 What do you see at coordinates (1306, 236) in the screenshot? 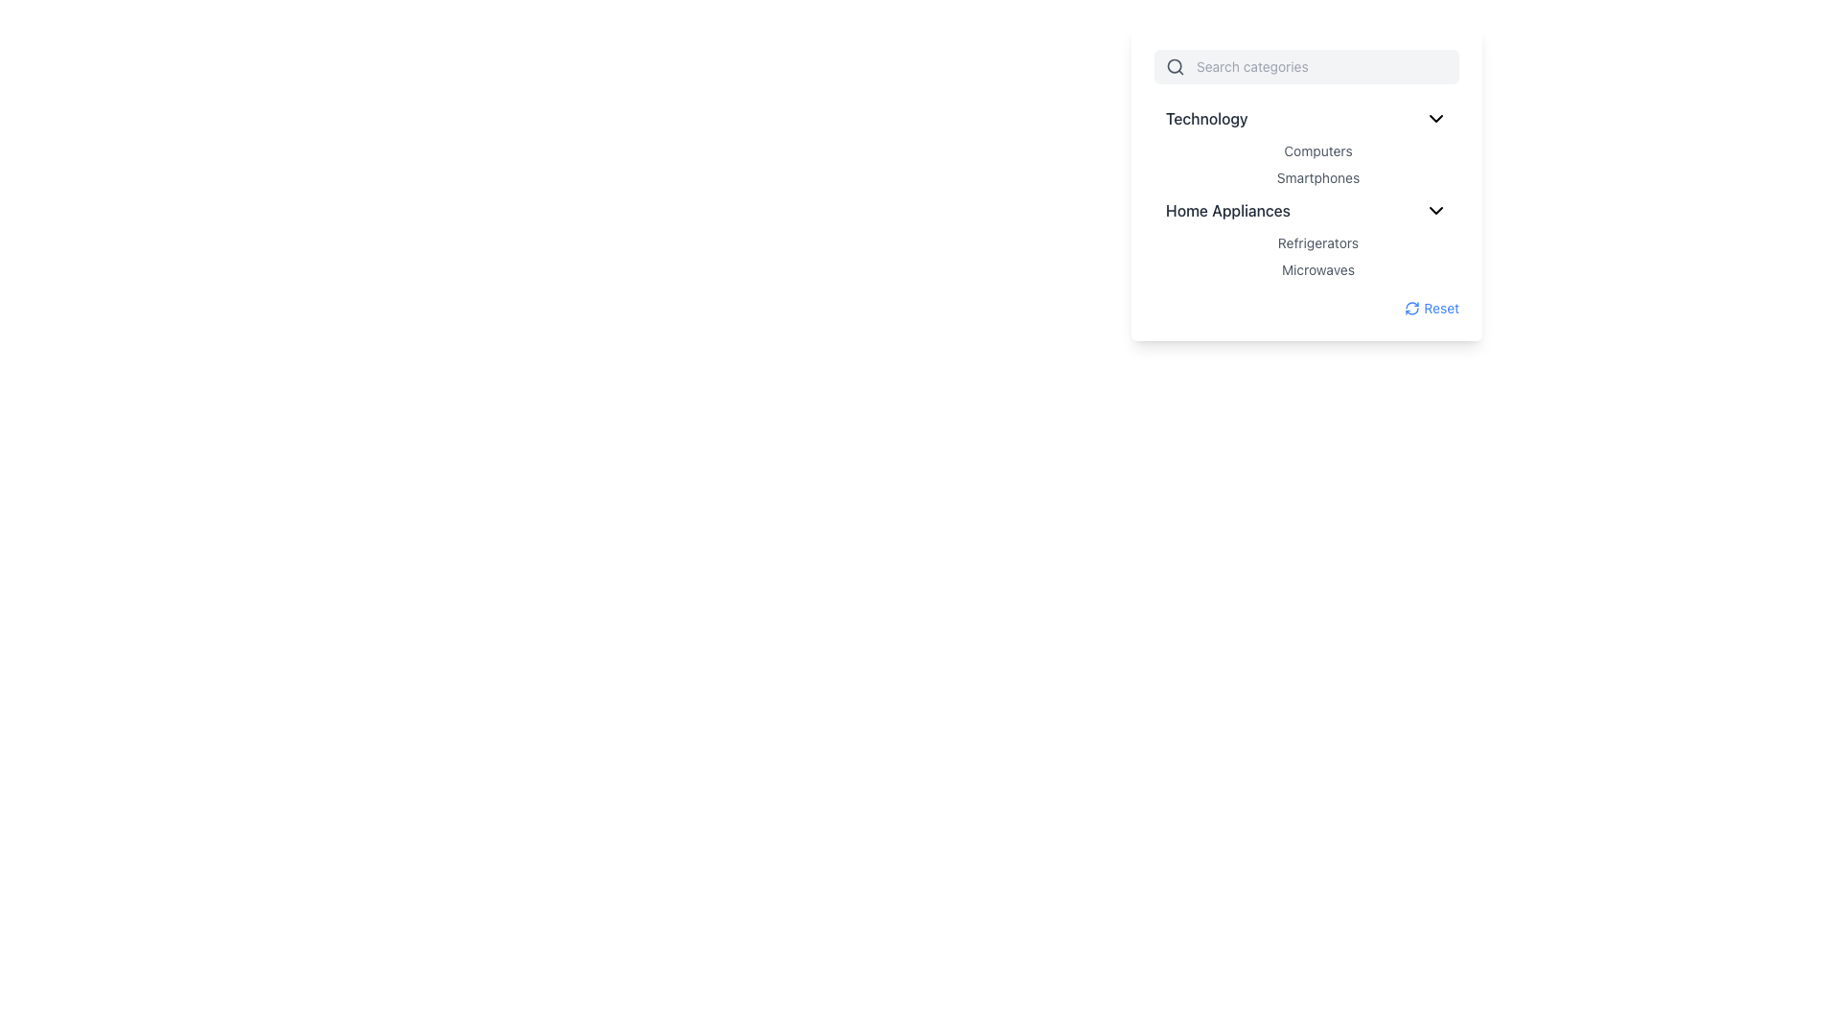
I see `the 'Home Appliances' dropdown group` at bounding box center [1306, 236].